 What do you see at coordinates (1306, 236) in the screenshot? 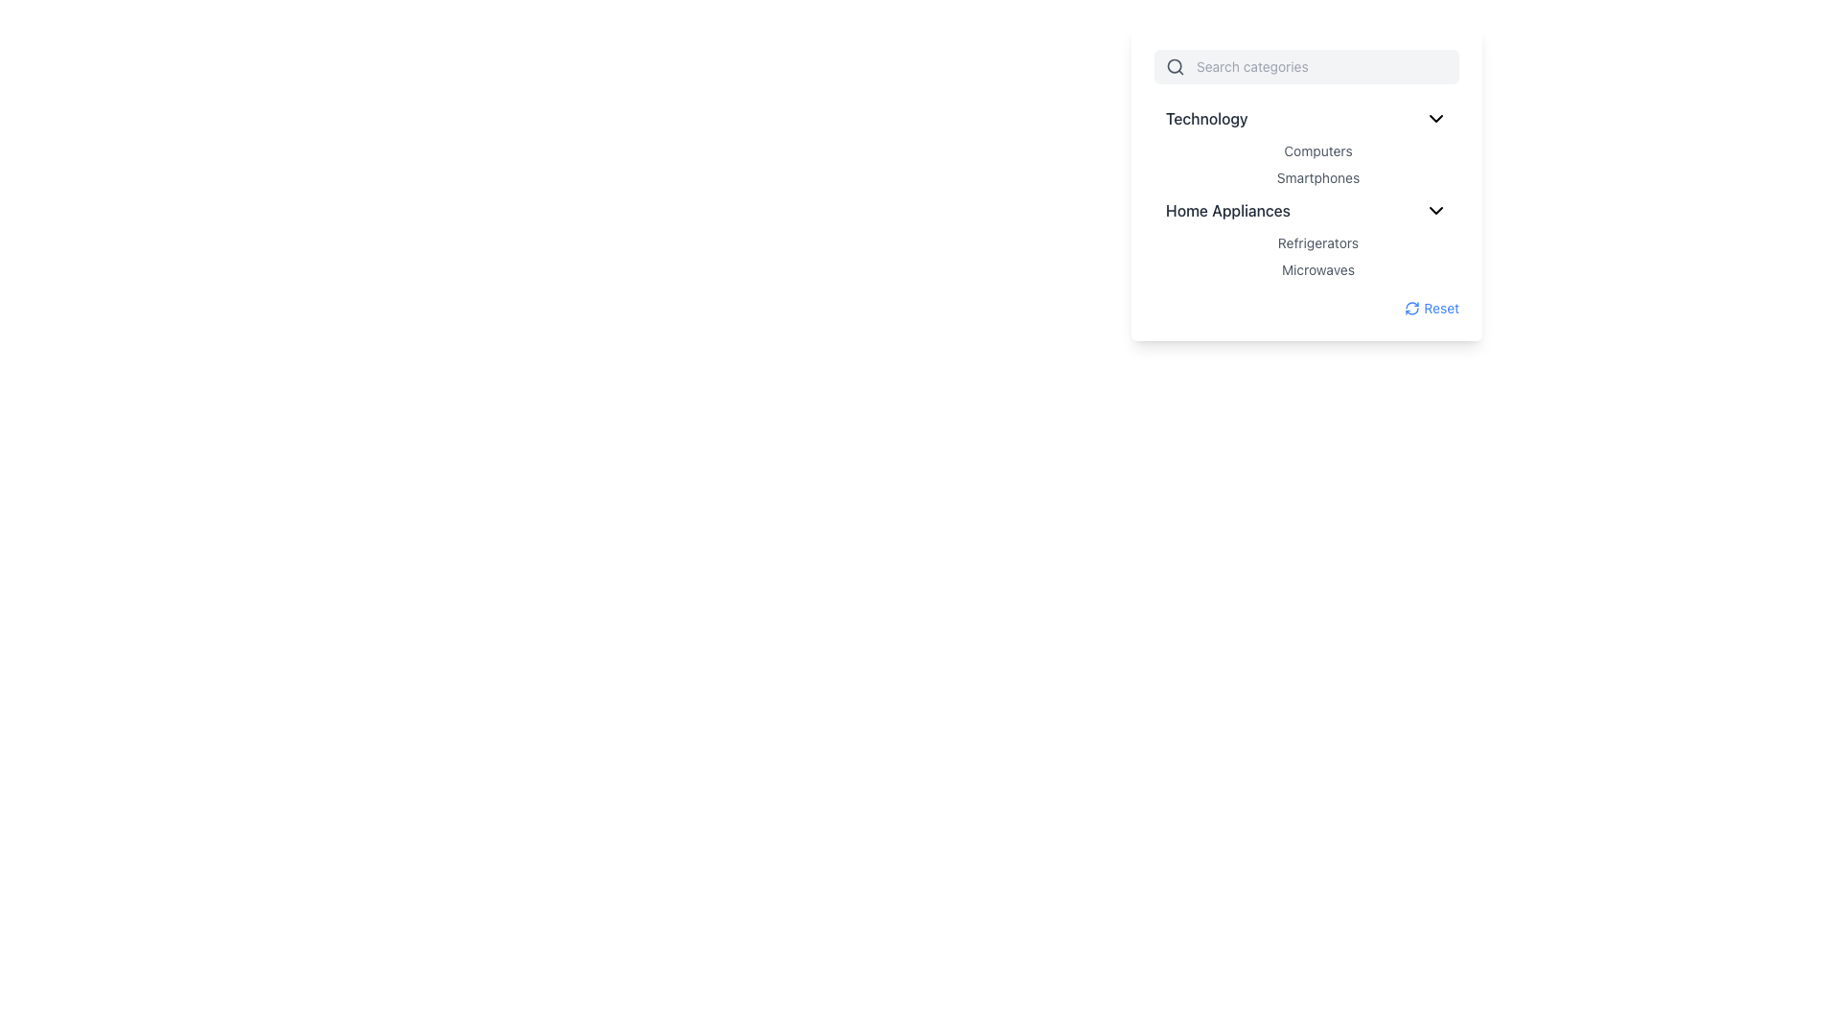
I see `the 'Home Appliances' dropdown group` at bounding box center [1306, 236].